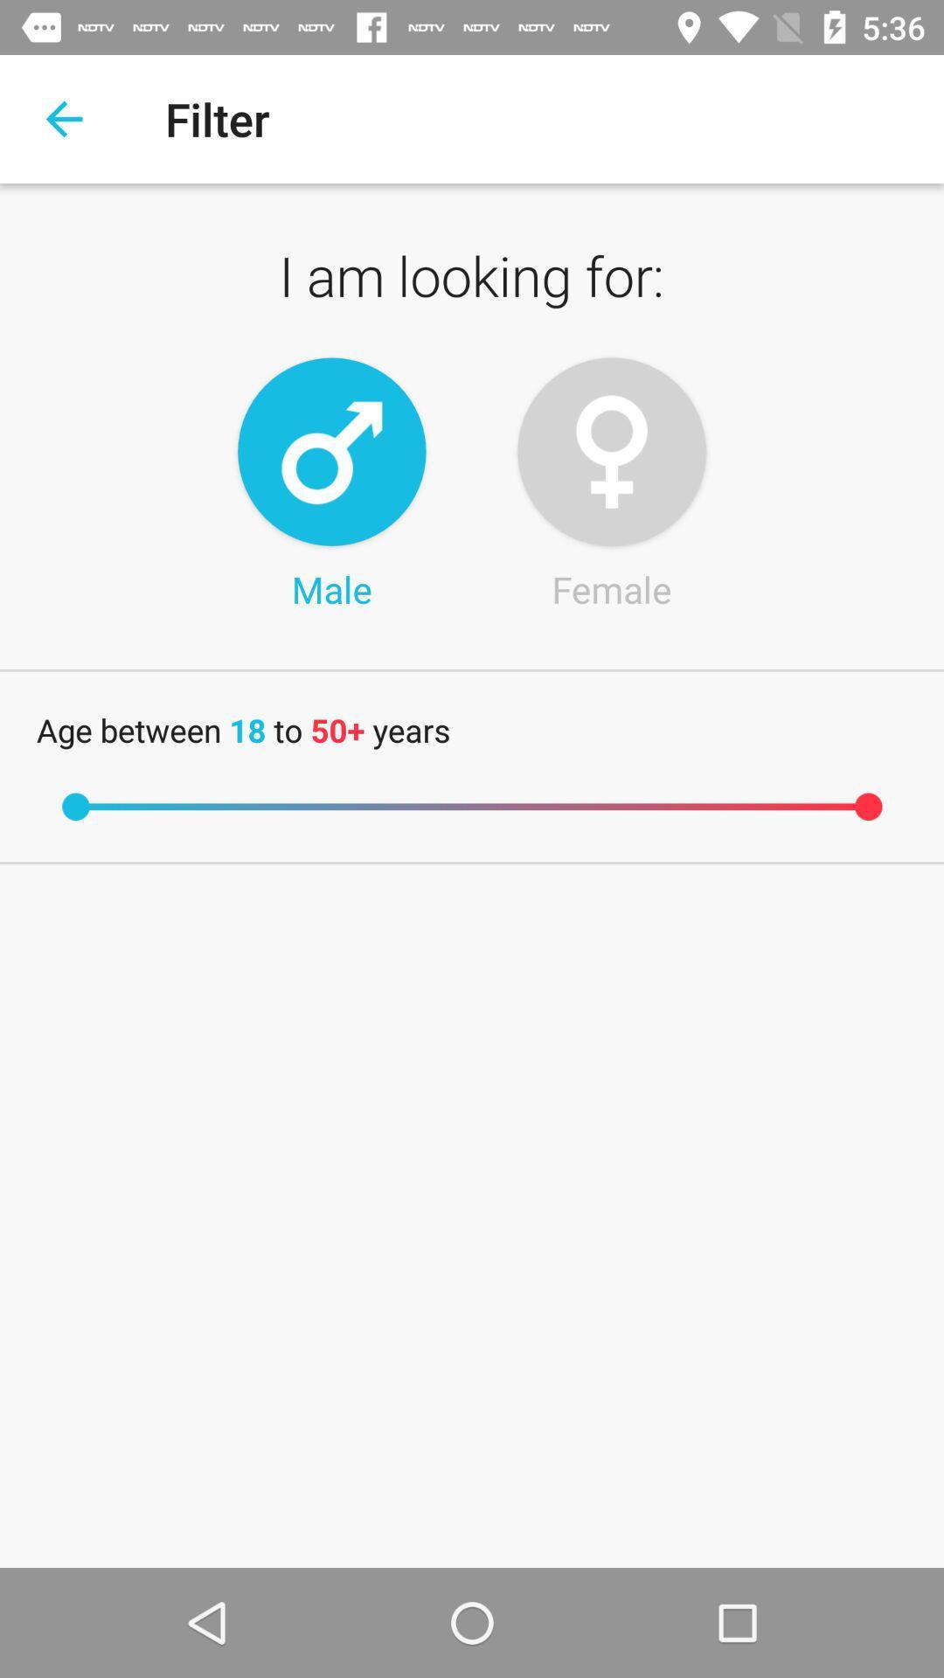 The width and height of the screenshot is (944, 1678). What do you see at coordinates (63, 118) in the screenshot?
I see `the item above i am looking item` at bounding box center [63, 118].